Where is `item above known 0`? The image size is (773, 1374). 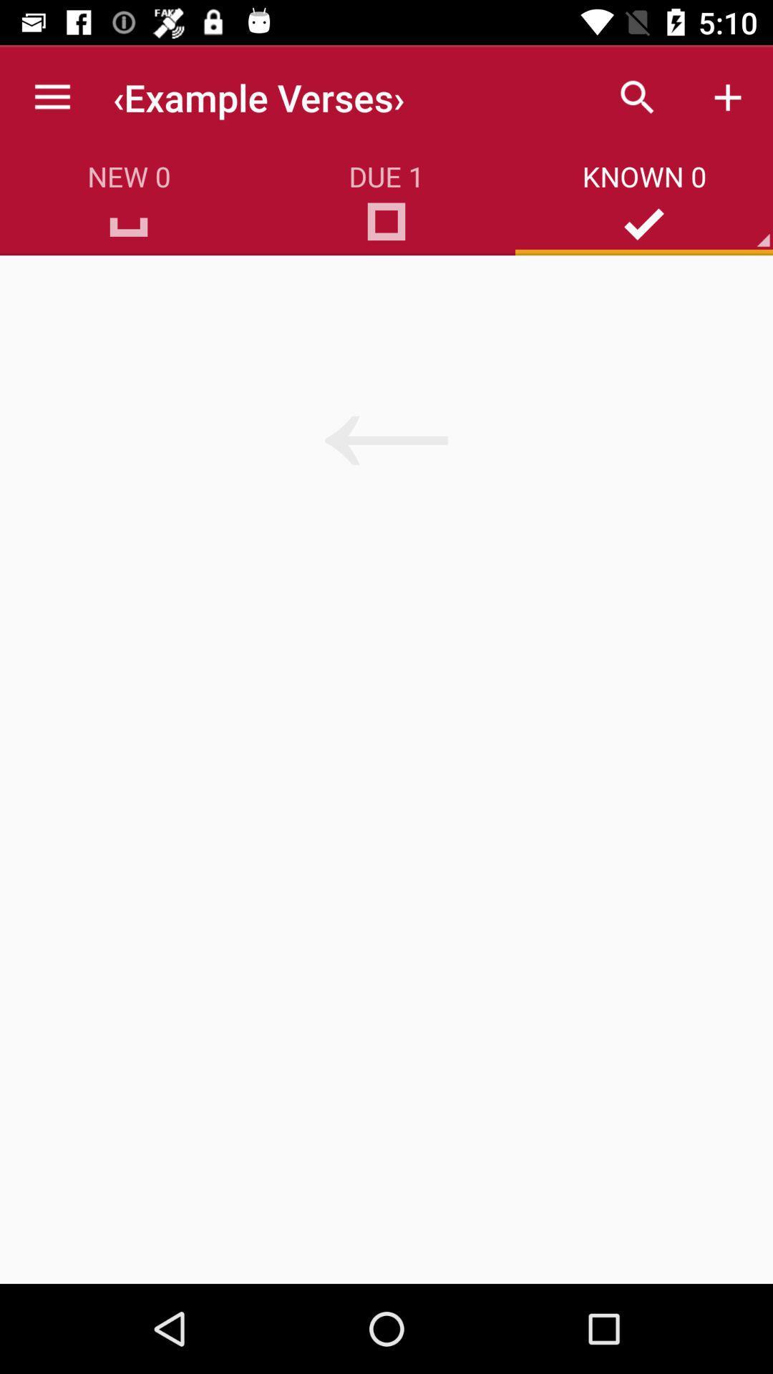
item above known 0 is located at coordinates (637, 97).